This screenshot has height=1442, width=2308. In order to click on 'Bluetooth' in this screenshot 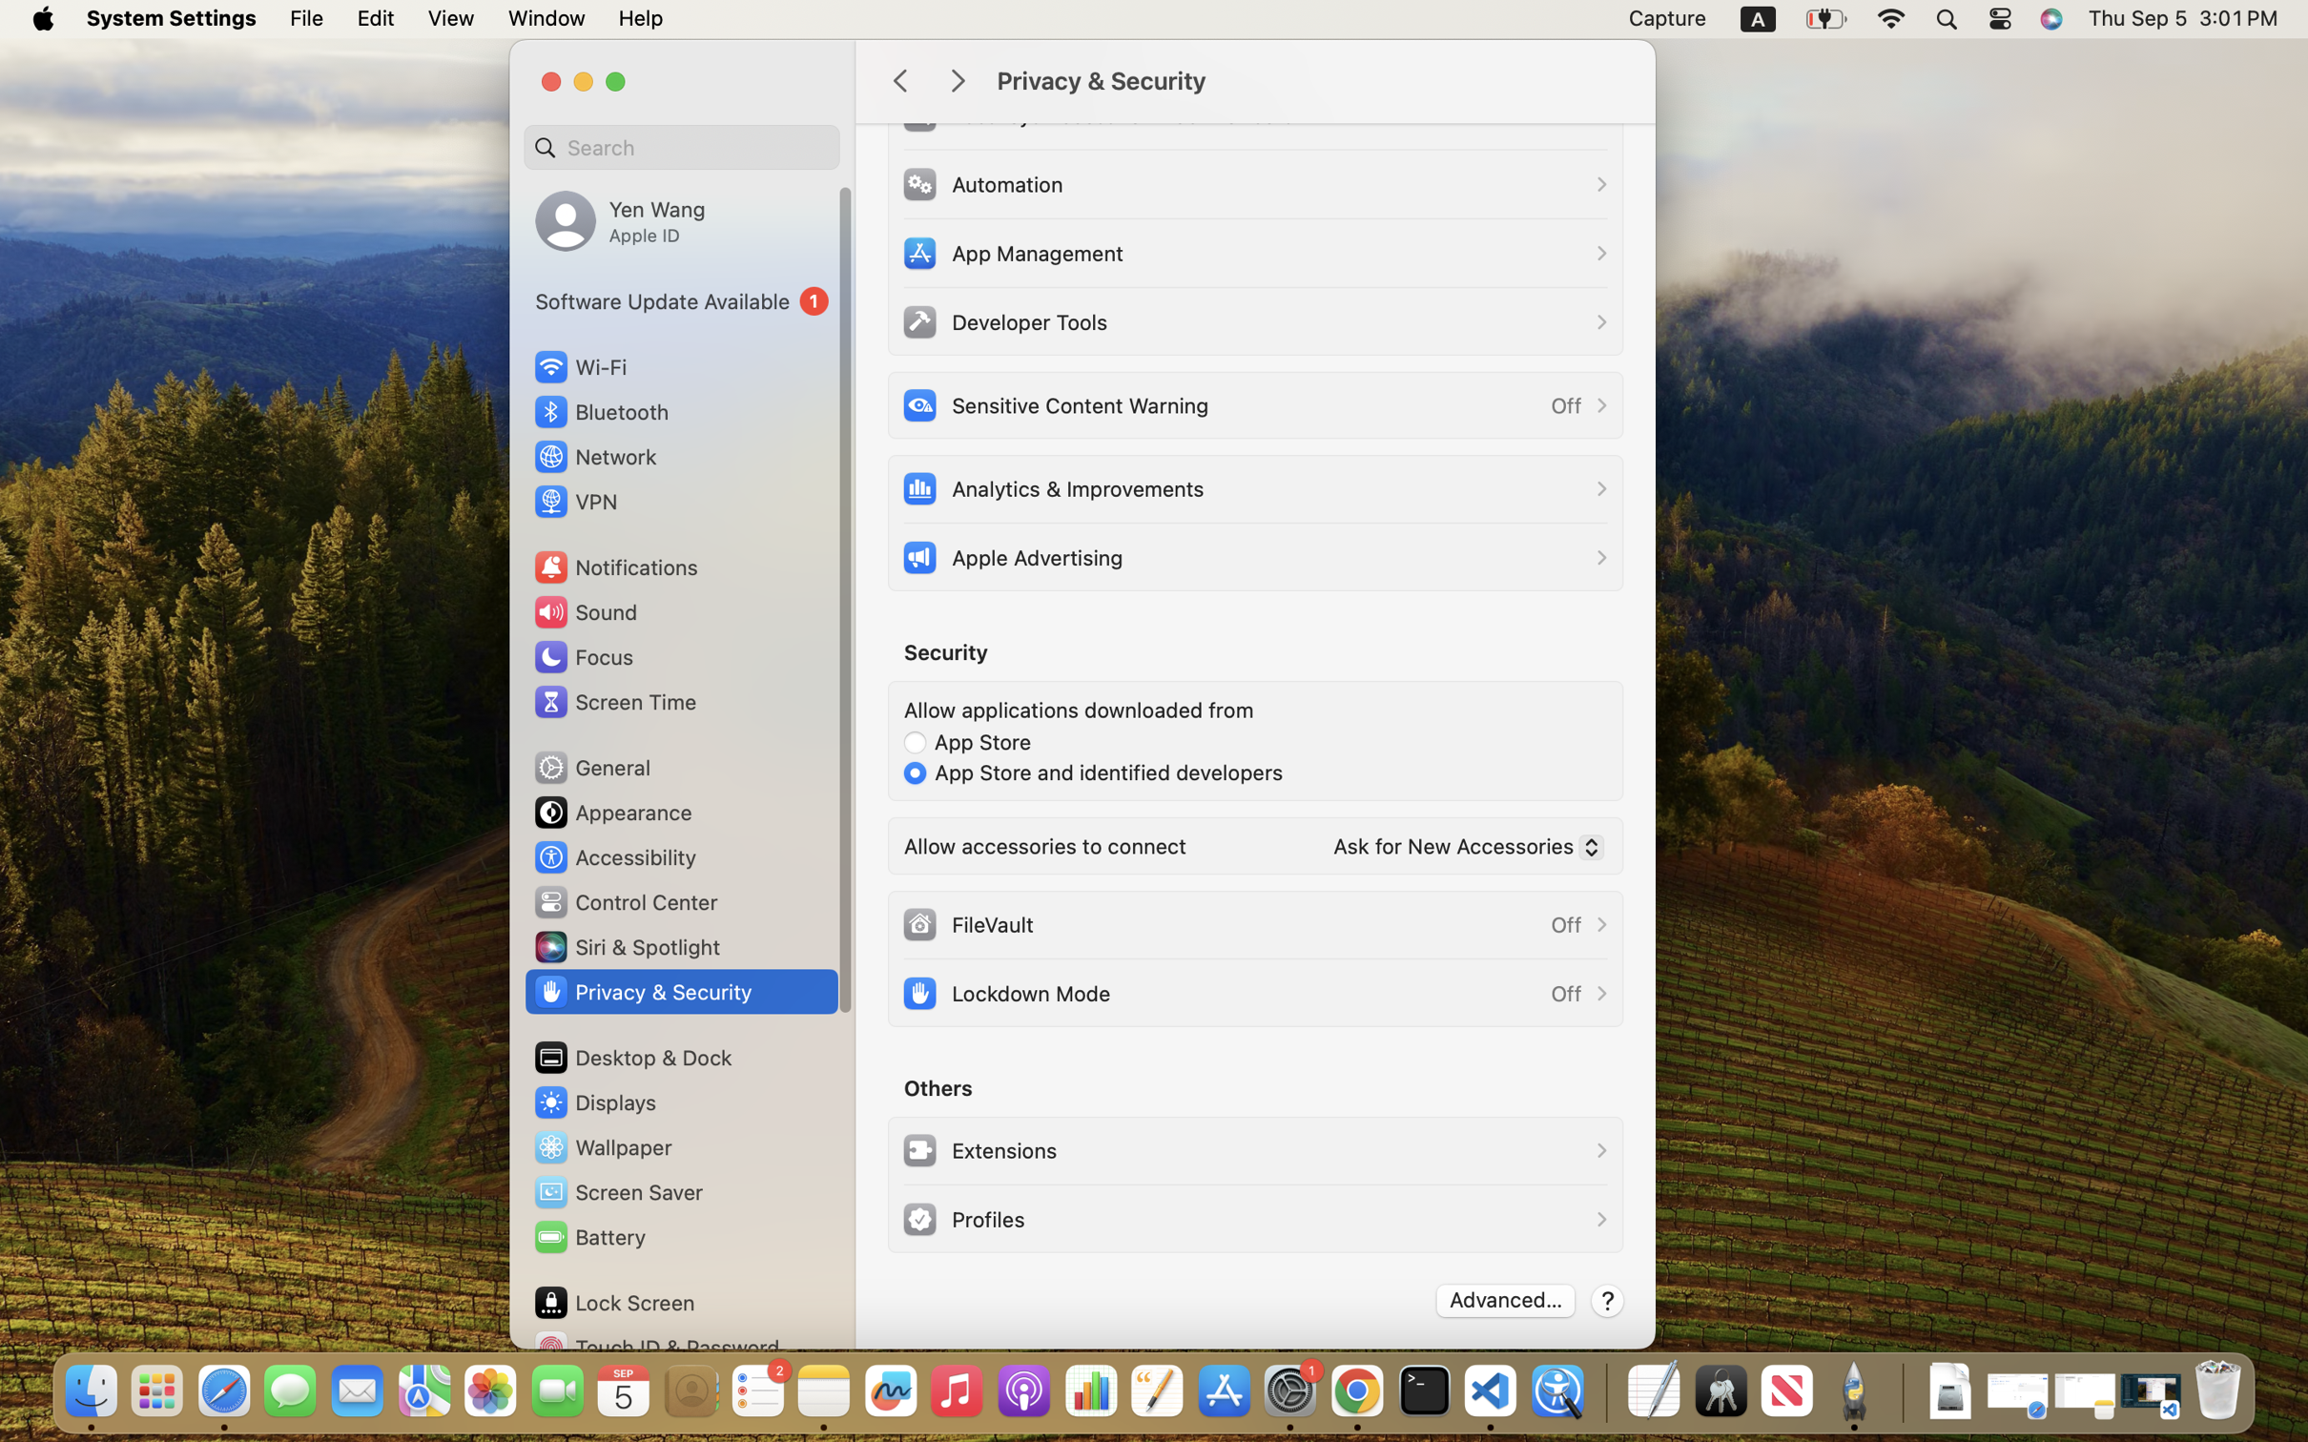, I will do `click(600, 411)`.